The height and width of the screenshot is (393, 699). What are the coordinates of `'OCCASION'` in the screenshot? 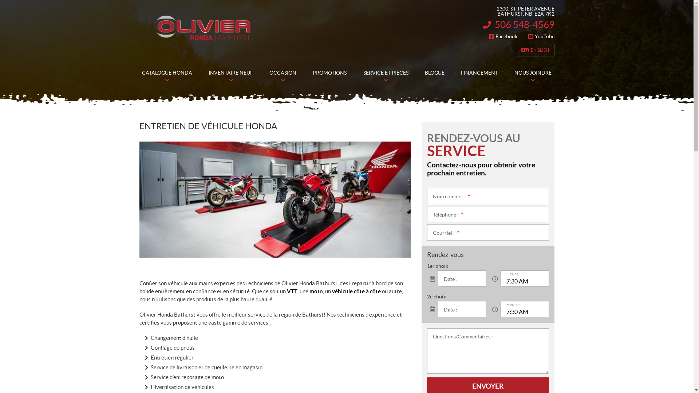 It's located at (283, 73).